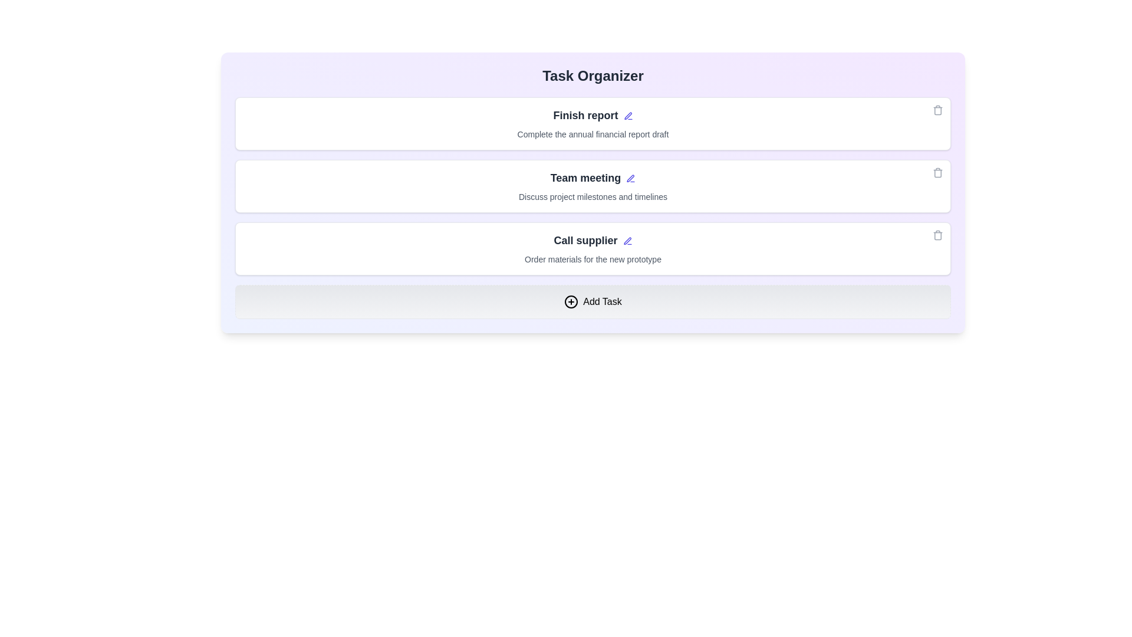 This screenshot has height=637, width=1132. I want to click on the trash icon of the task card titled 'Finish report' to delete the task, so click(937, 110).